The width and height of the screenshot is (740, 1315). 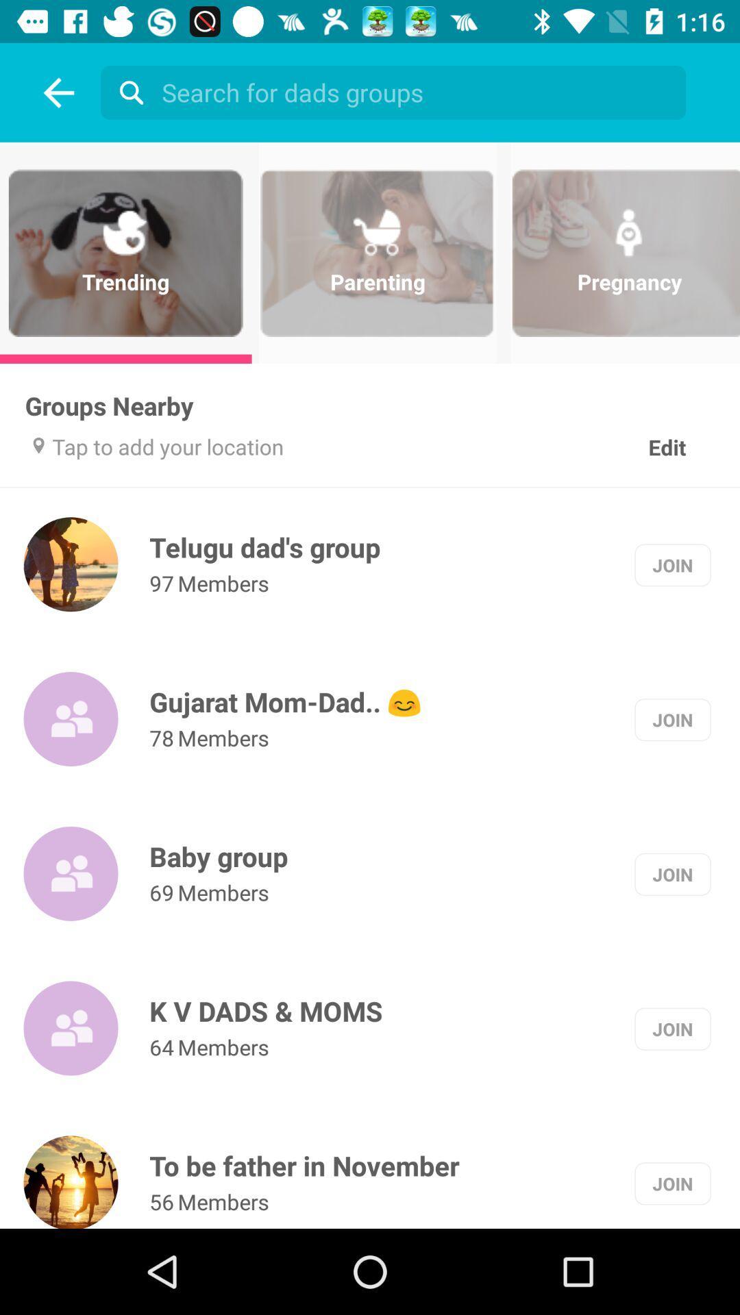 What do you see at coordinates (218, 855) in the screenshot?
I see `baby group` at bounding box center [218, 855].